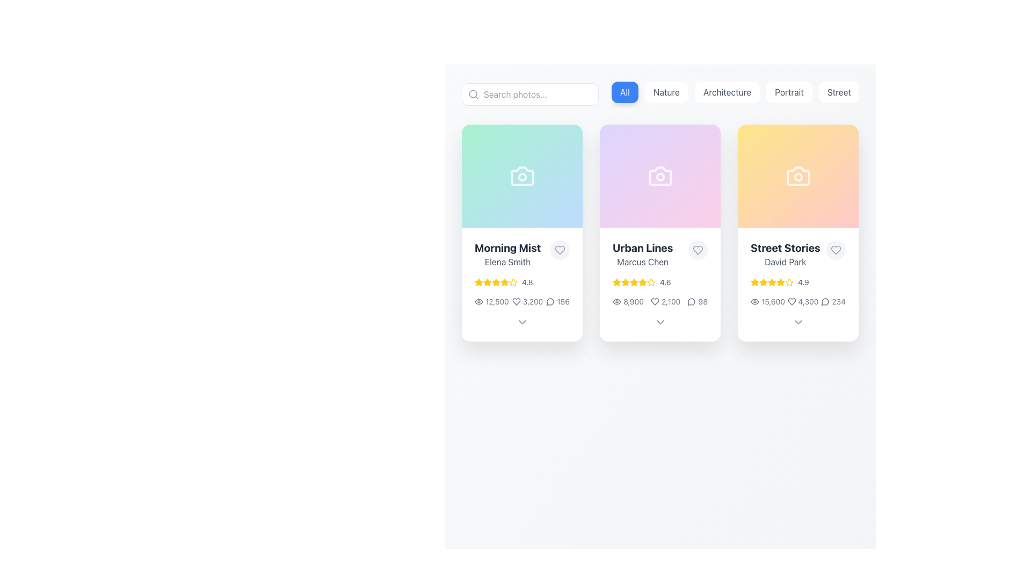 The width and height of the screenshot is (1031, 580). I want to click on the second golden yellow star icon in the rating system under the 'Morning Mist' card authored by 'Elena Smith', so click(487, 281).